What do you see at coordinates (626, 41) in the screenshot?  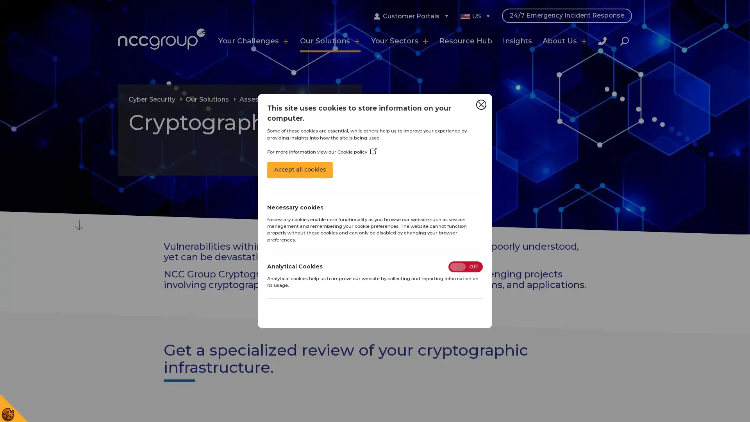 I see `Search` at bounding box center [626, 41].